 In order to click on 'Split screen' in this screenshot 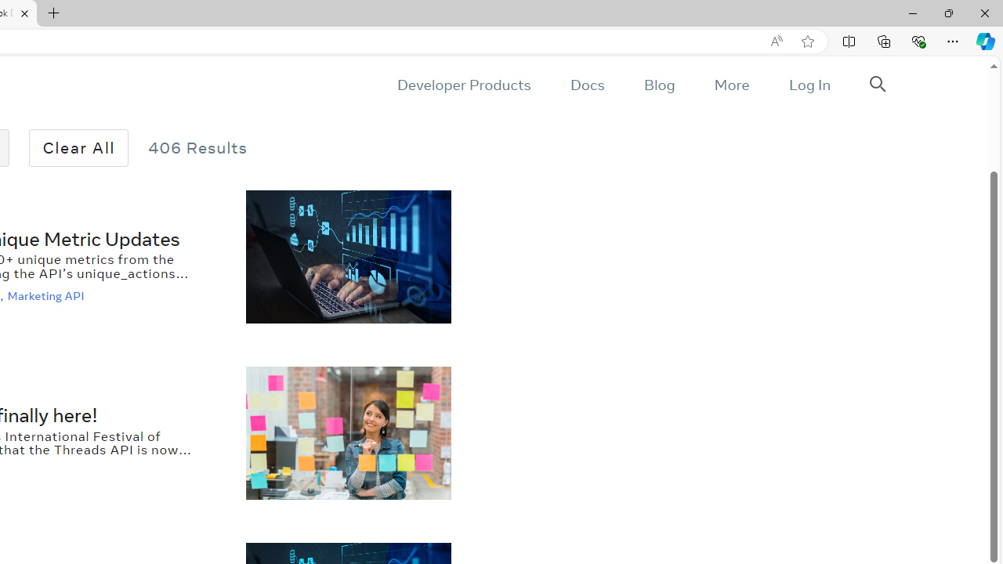, I will do `click(848, 40)`.